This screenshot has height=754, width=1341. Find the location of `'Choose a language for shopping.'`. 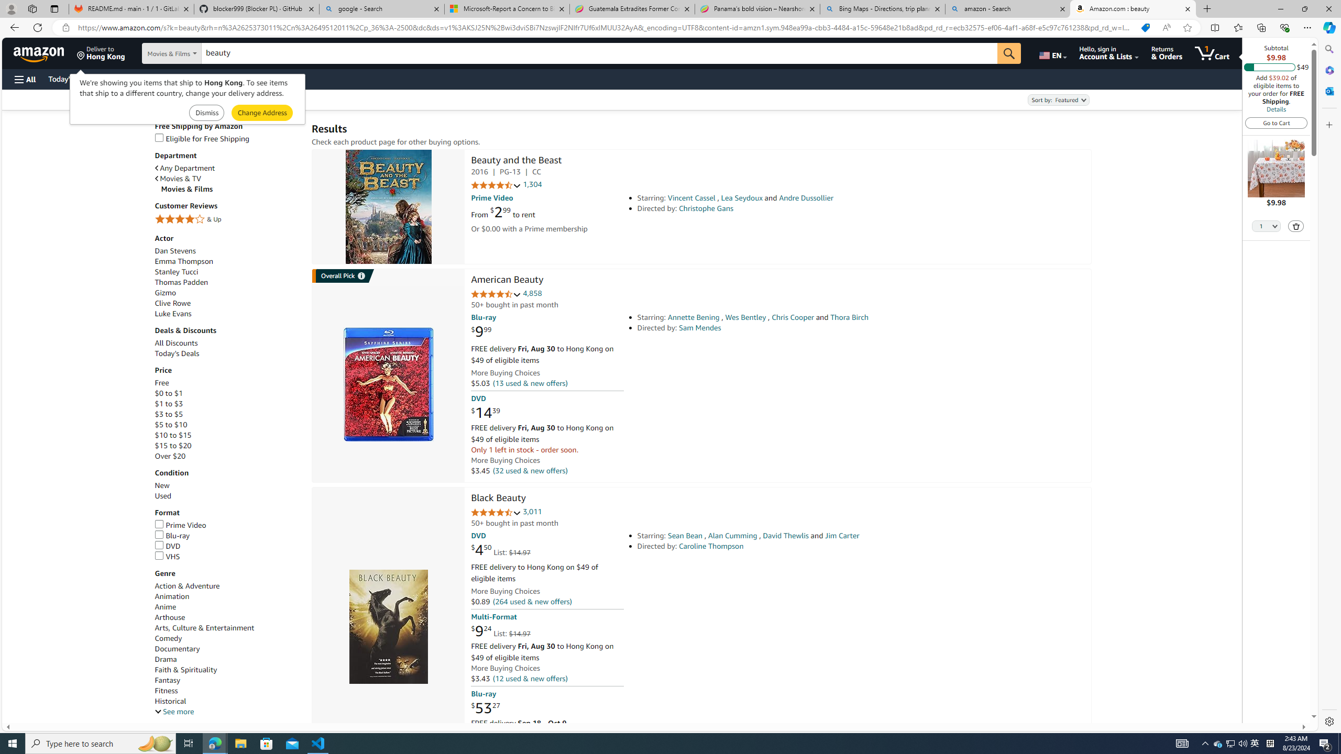

'Choose a language for shopping.' is located at coordinates (1051, 52).